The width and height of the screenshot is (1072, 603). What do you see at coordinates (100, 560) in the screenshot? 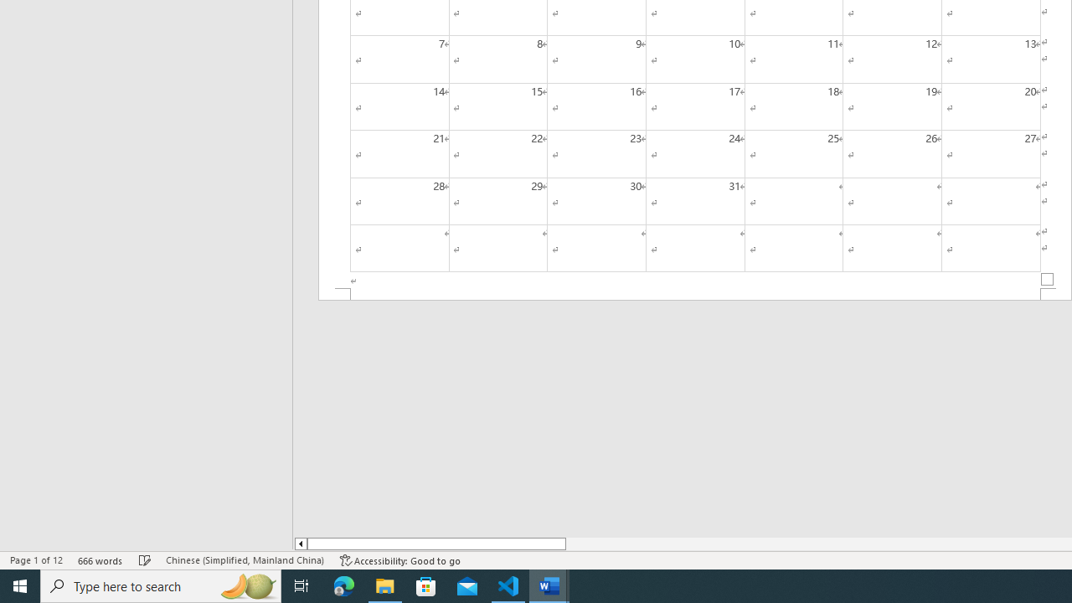
I see `'Word Count 666 words'` at bounding box center [100, 560].